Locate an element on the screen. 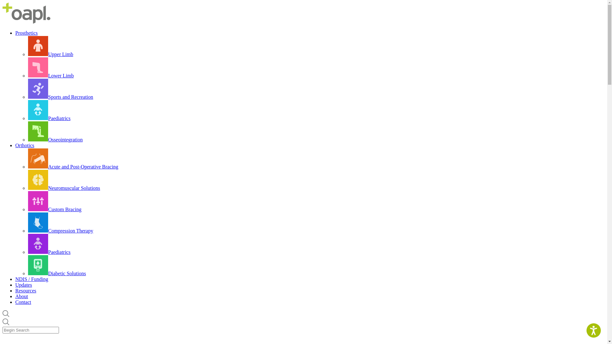 The height and width of the screenshot is (344, 612). 'Prosthetics' is located at coordinates (26, 33).